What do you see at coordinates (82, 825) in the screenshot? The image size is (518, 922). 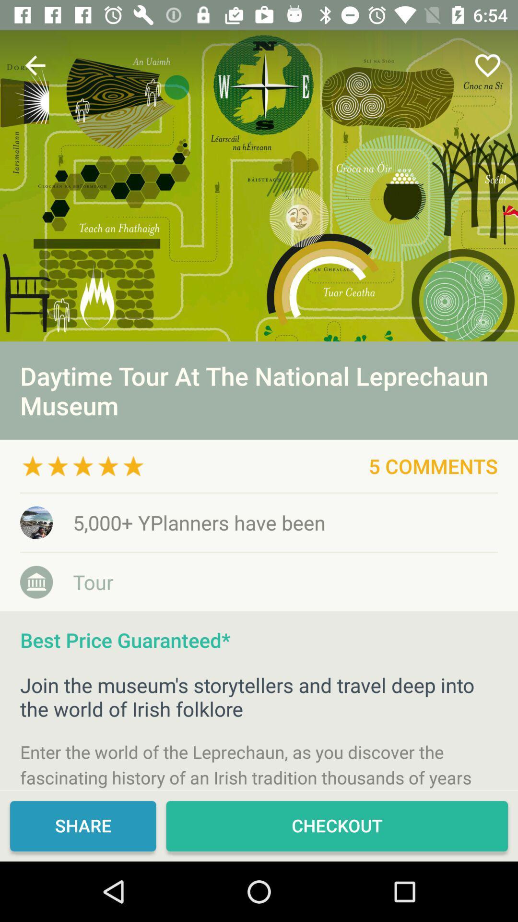 I see `share icon` at bounding box center [82, 825].